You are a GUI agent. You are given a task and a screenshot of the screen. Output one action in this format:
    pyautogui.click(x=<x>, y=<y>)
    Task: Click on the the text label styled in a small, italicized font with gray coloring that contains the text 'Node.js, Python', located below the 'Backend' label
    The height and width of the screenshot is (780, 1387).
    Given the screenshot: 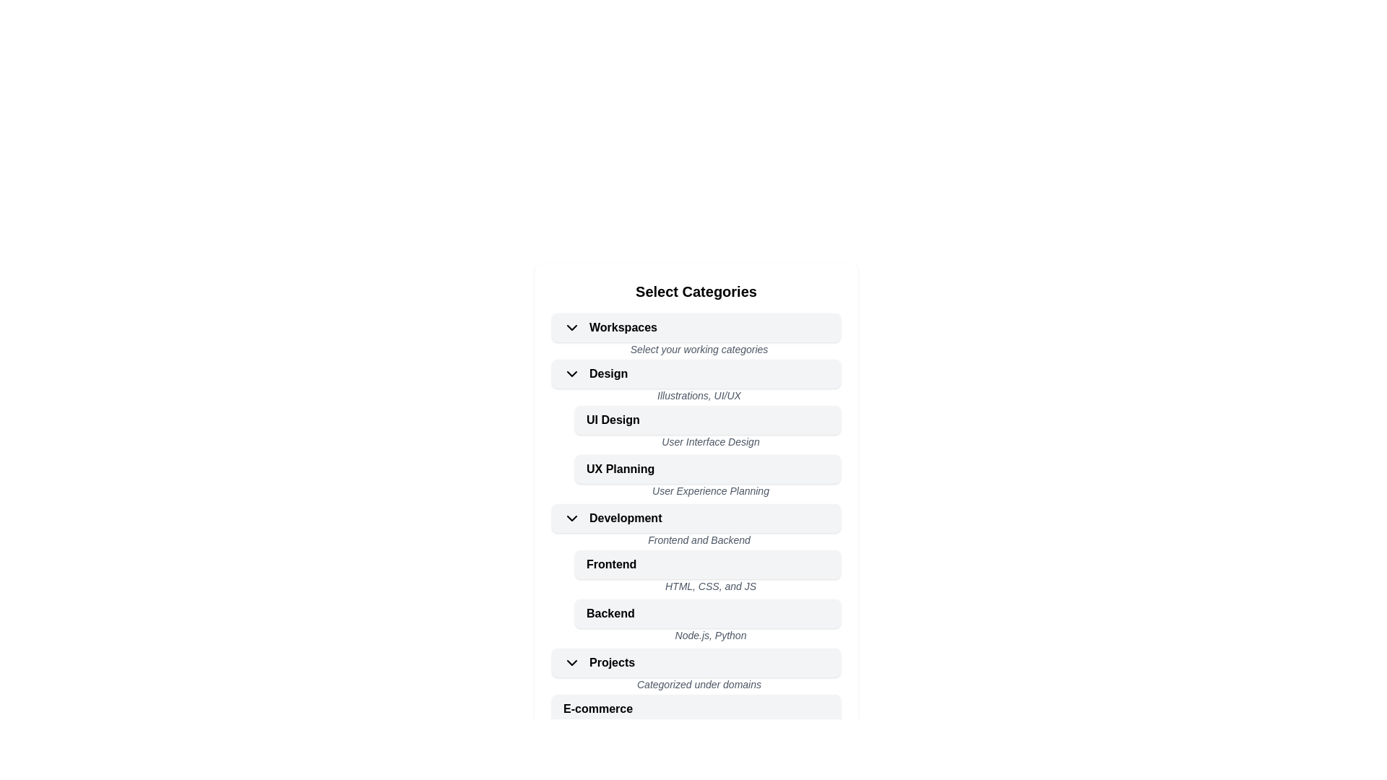 What is the action you would take?
    pyautogui.click(x=707, y=636)
    